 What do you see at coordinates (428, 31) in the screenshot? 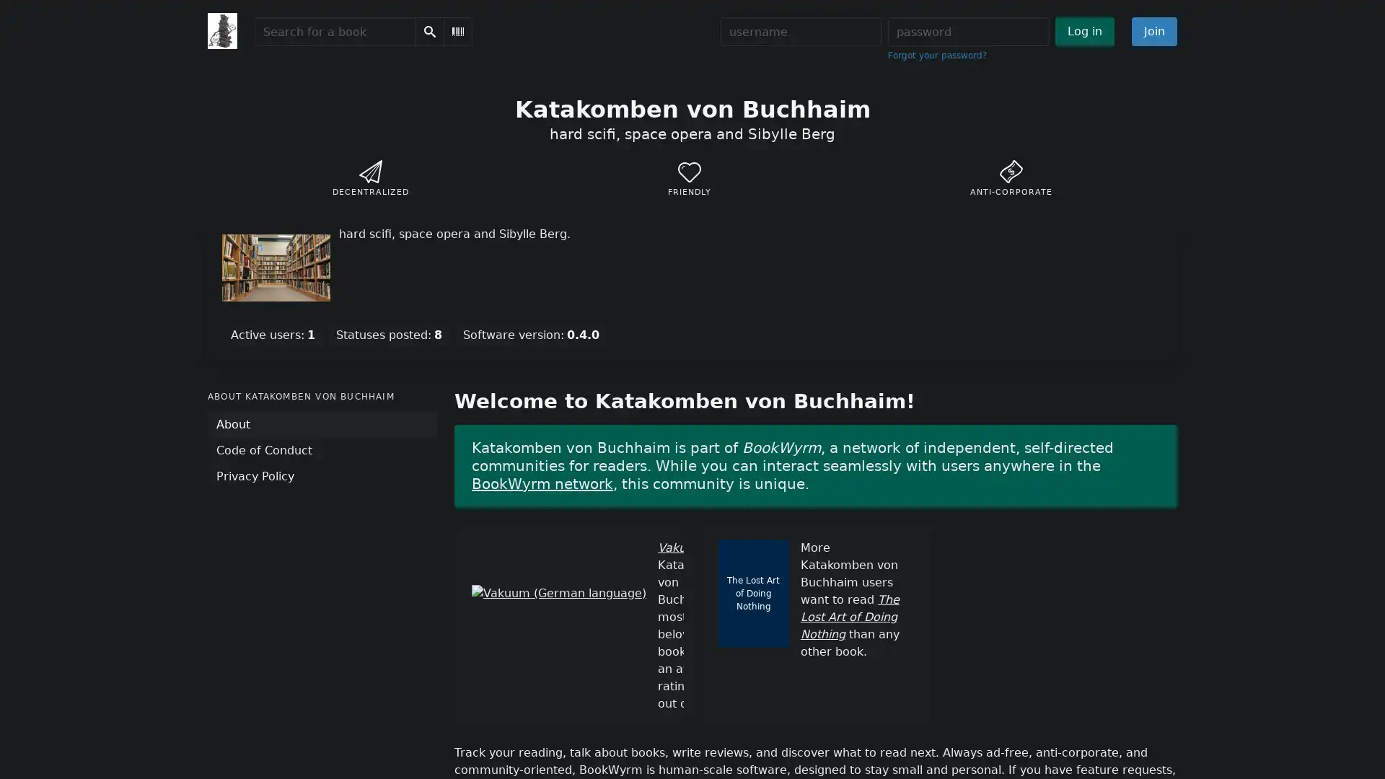
I see `Search` at bounding box center [428, 31].